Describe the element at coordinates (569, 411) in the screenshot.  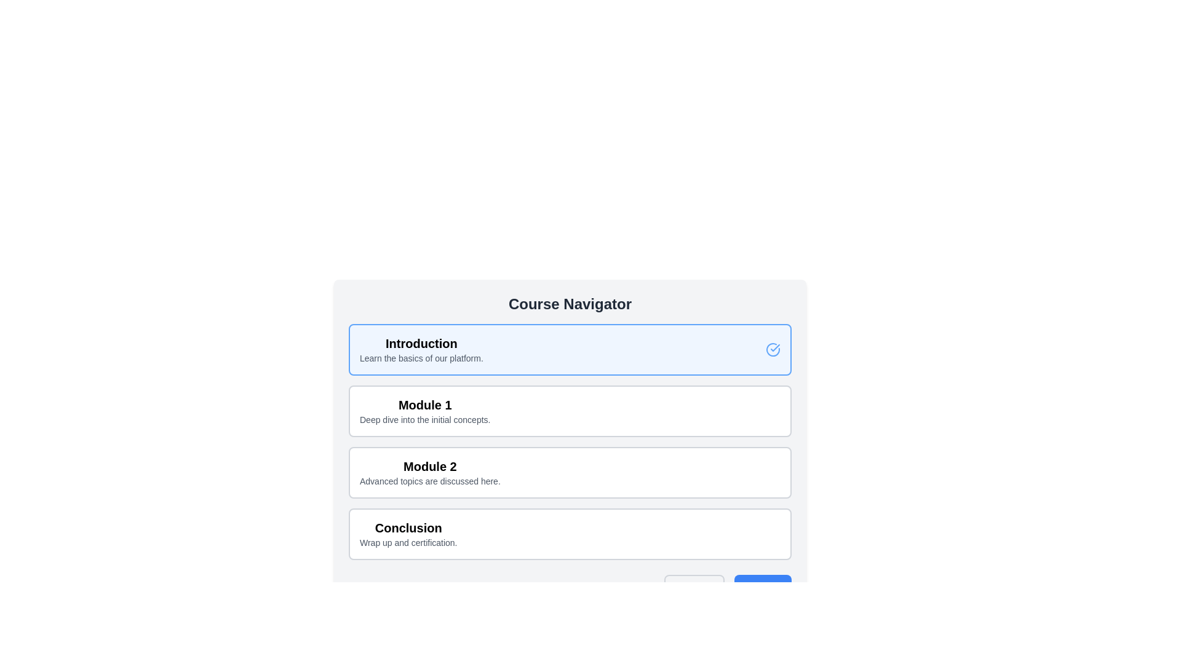
I see `the module Module 1 to view its details` at that location.